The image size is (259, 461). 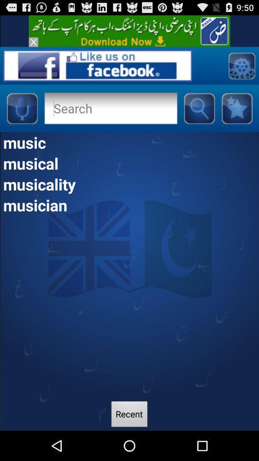 I want to click on the settings icon, so click(x=241, y=70).